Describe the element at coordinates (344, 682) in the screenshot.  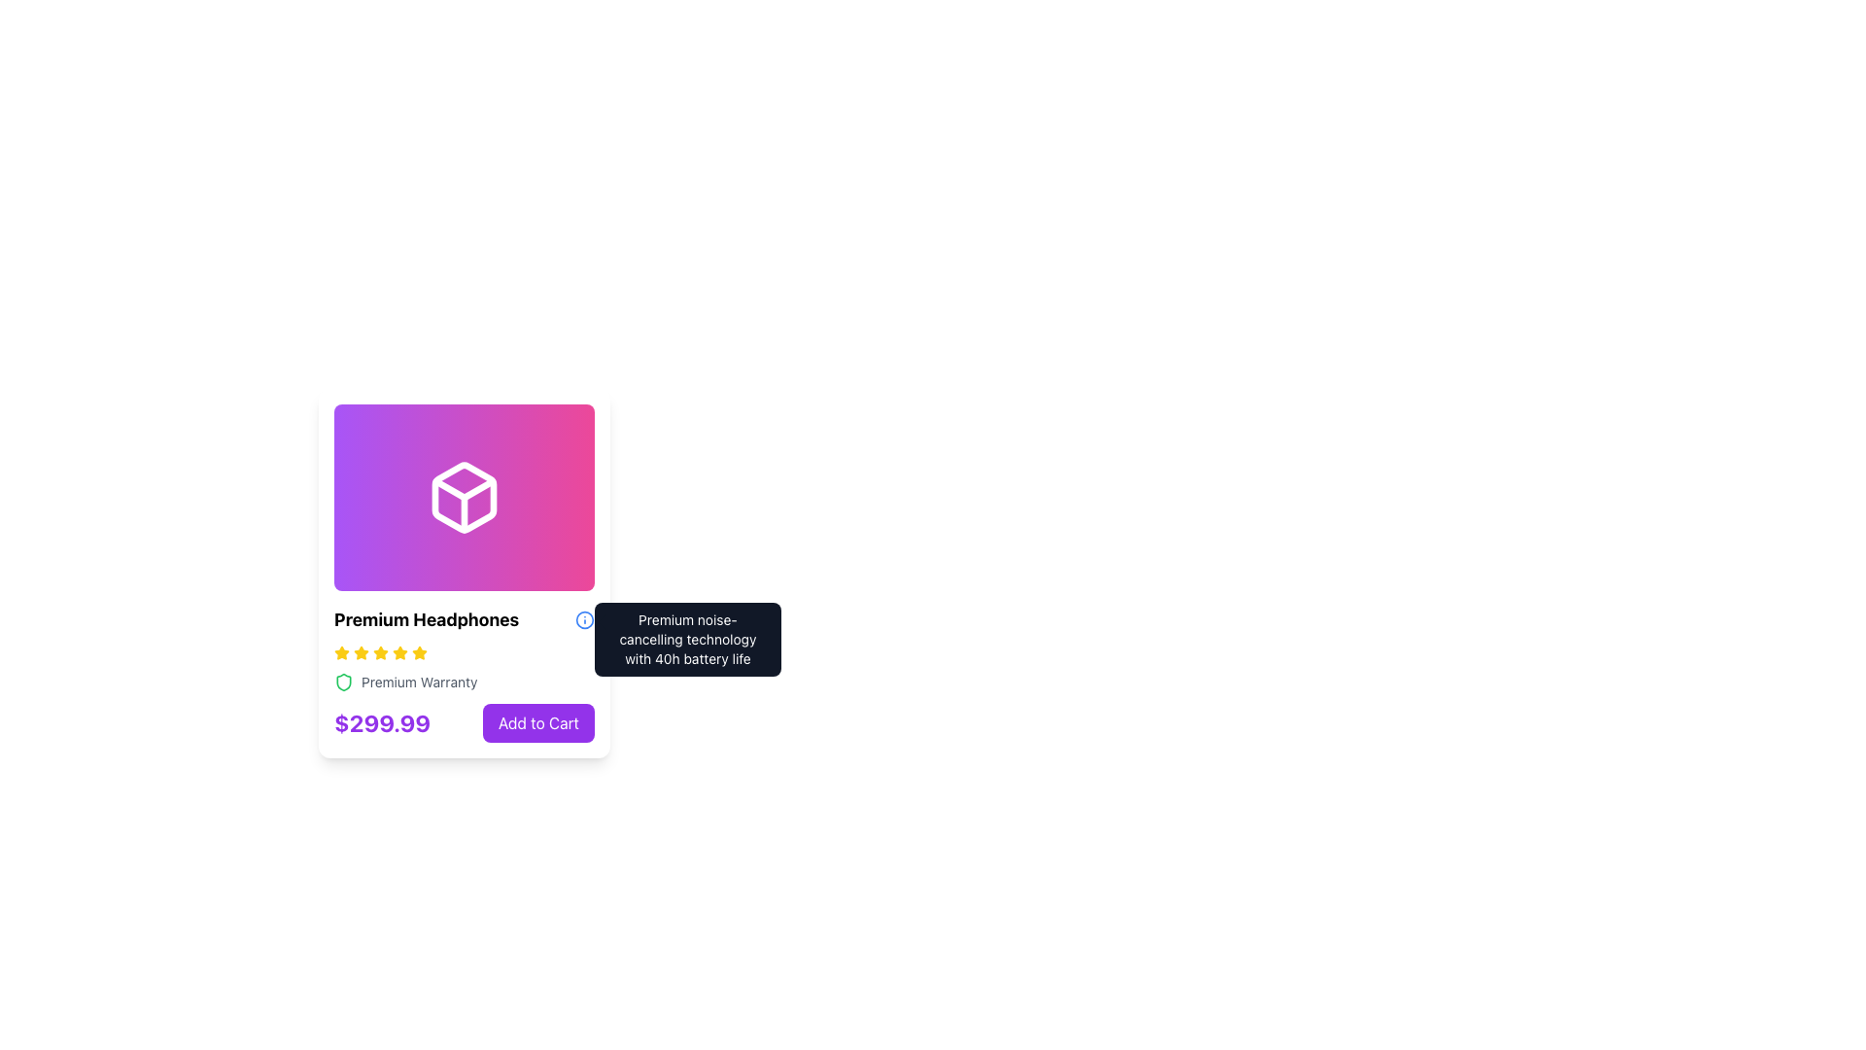
I see `the premium warranty icon located to the left of the 'Premium Warranty' text label in the product's detailed card` at that location.